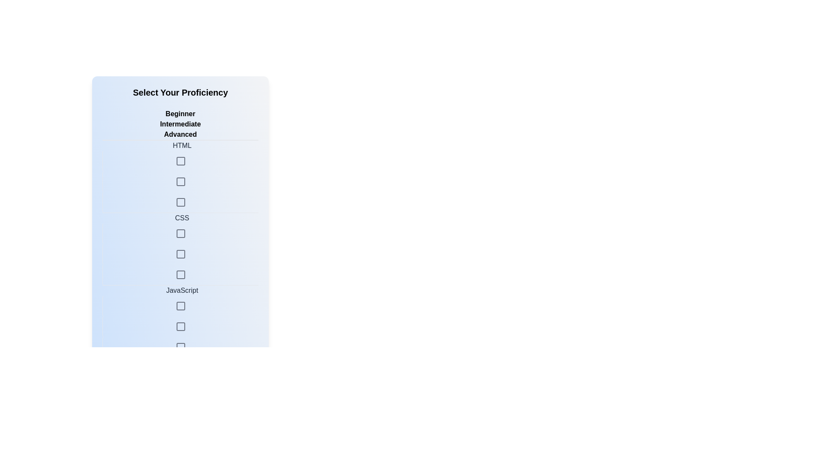 Image resolution: width=823 pixels, height=463 pixels. What do you see at coordinates (180, 182) in the screenshot?
I see `the skill level Advanced for the skill HTML` at bounding box center [180, 182].